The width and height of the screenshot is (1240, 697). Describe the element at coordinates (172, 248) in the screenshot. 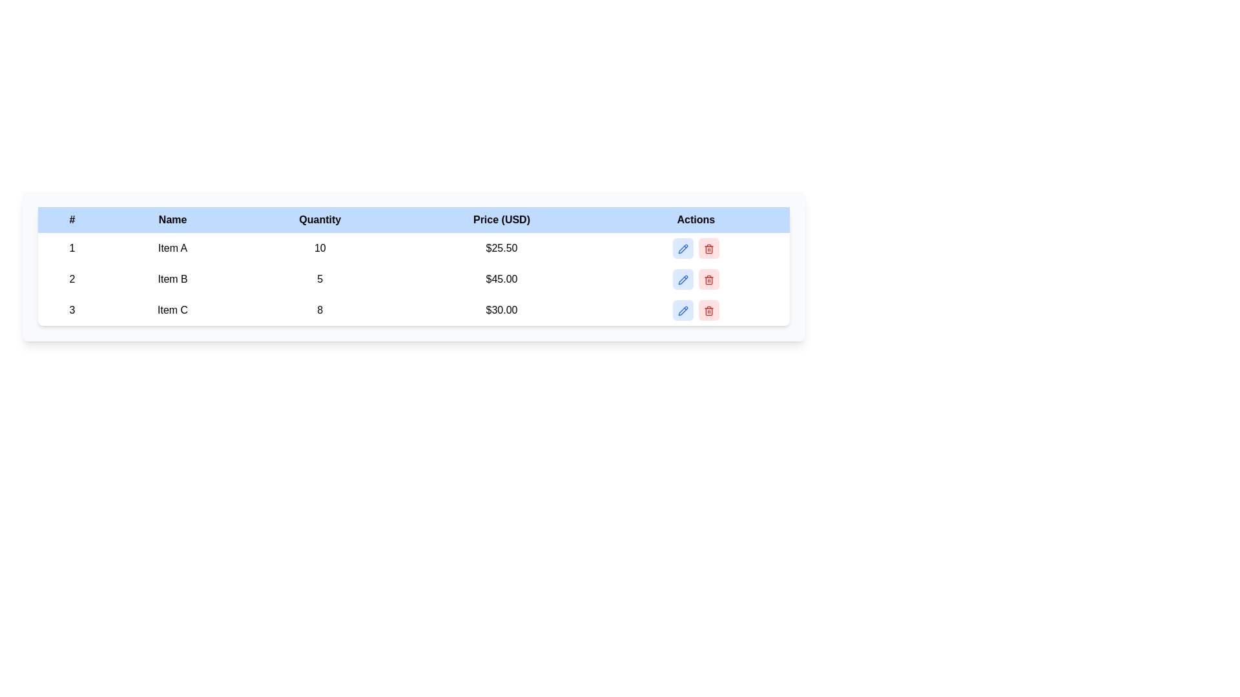

I see `the text label 'Item A' which is displayed in bold black font within the second column of the first row of a table, under the 'Name' header` at that location.